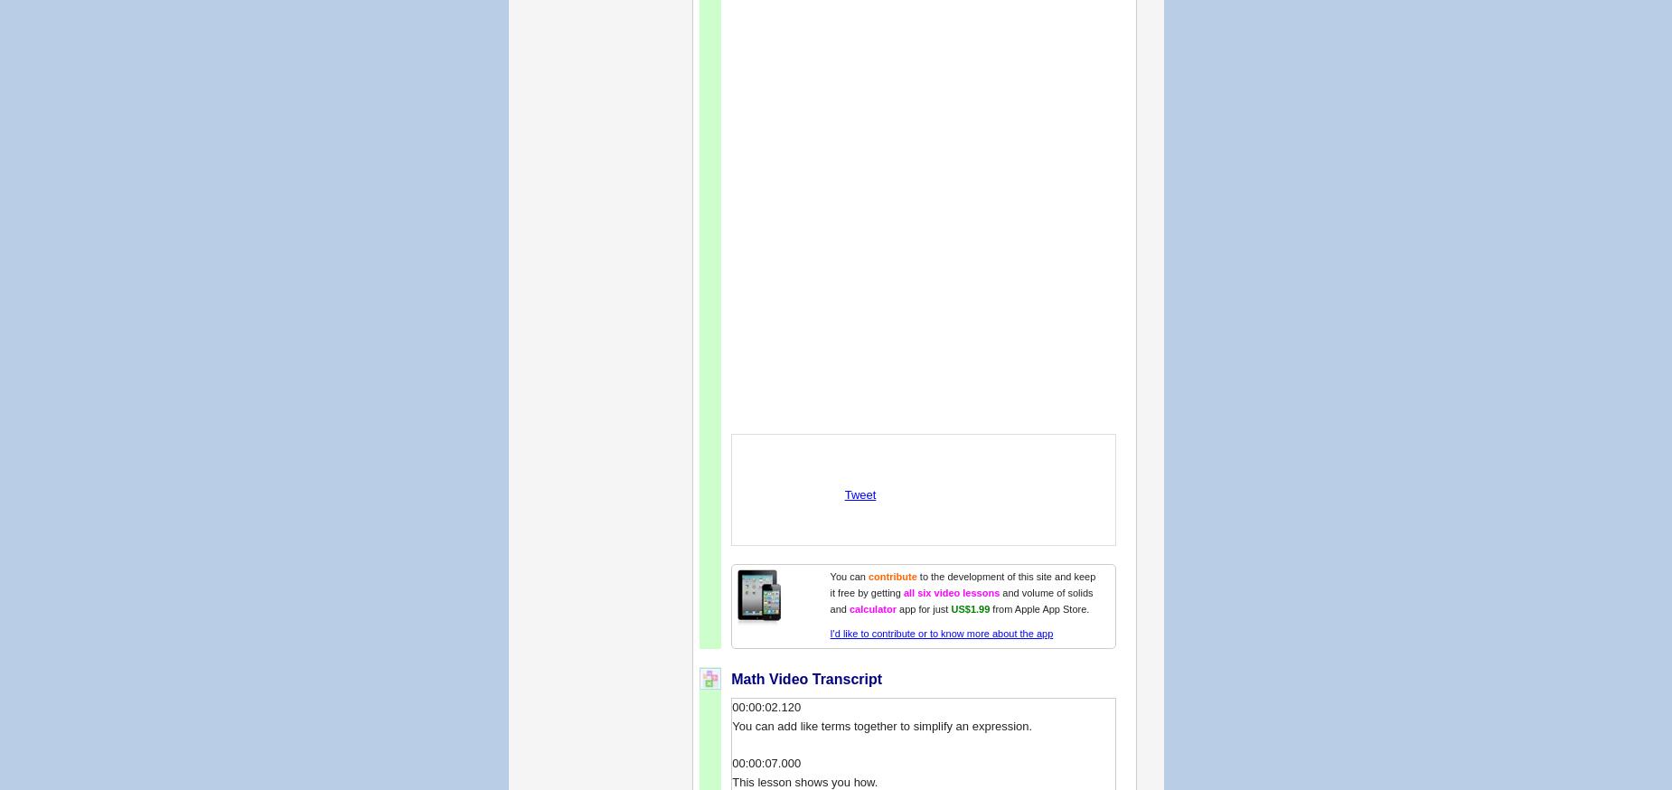  Describe the element at coordinates (731, 705) in the screenshot. I see `'00:00:02.120'` at that location.